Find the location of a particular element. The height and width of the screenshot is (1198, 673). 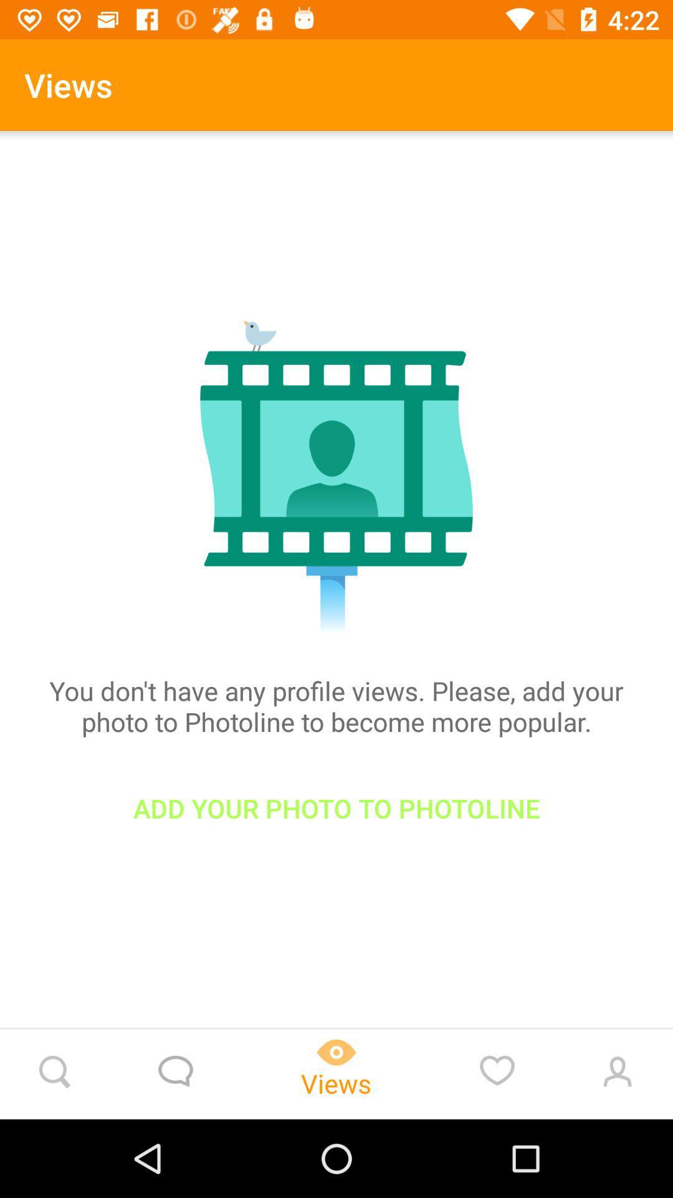

the avatar icon is located at coordinates (614, 1074).